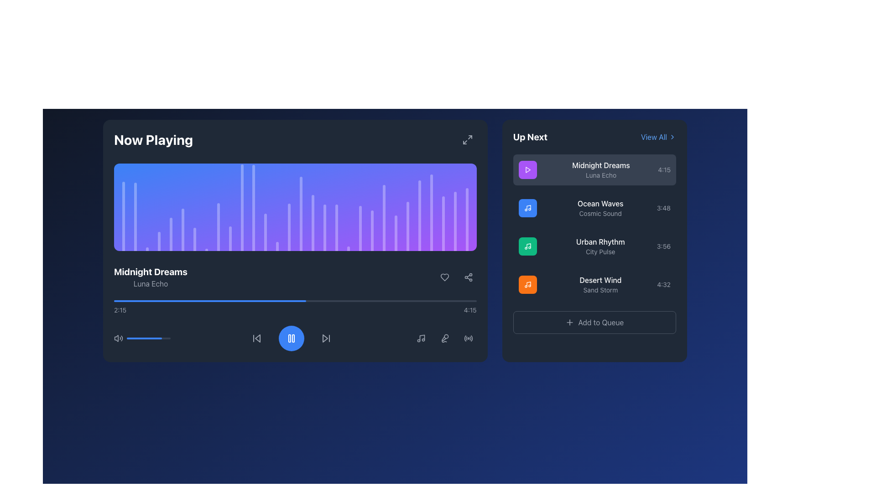 The height and width of the screenshot is (492, 876). Describe the element at coordinates (600, 290) in the screenshot. I see `the subtitle text label for the track 'Desert Wind'` at that location.